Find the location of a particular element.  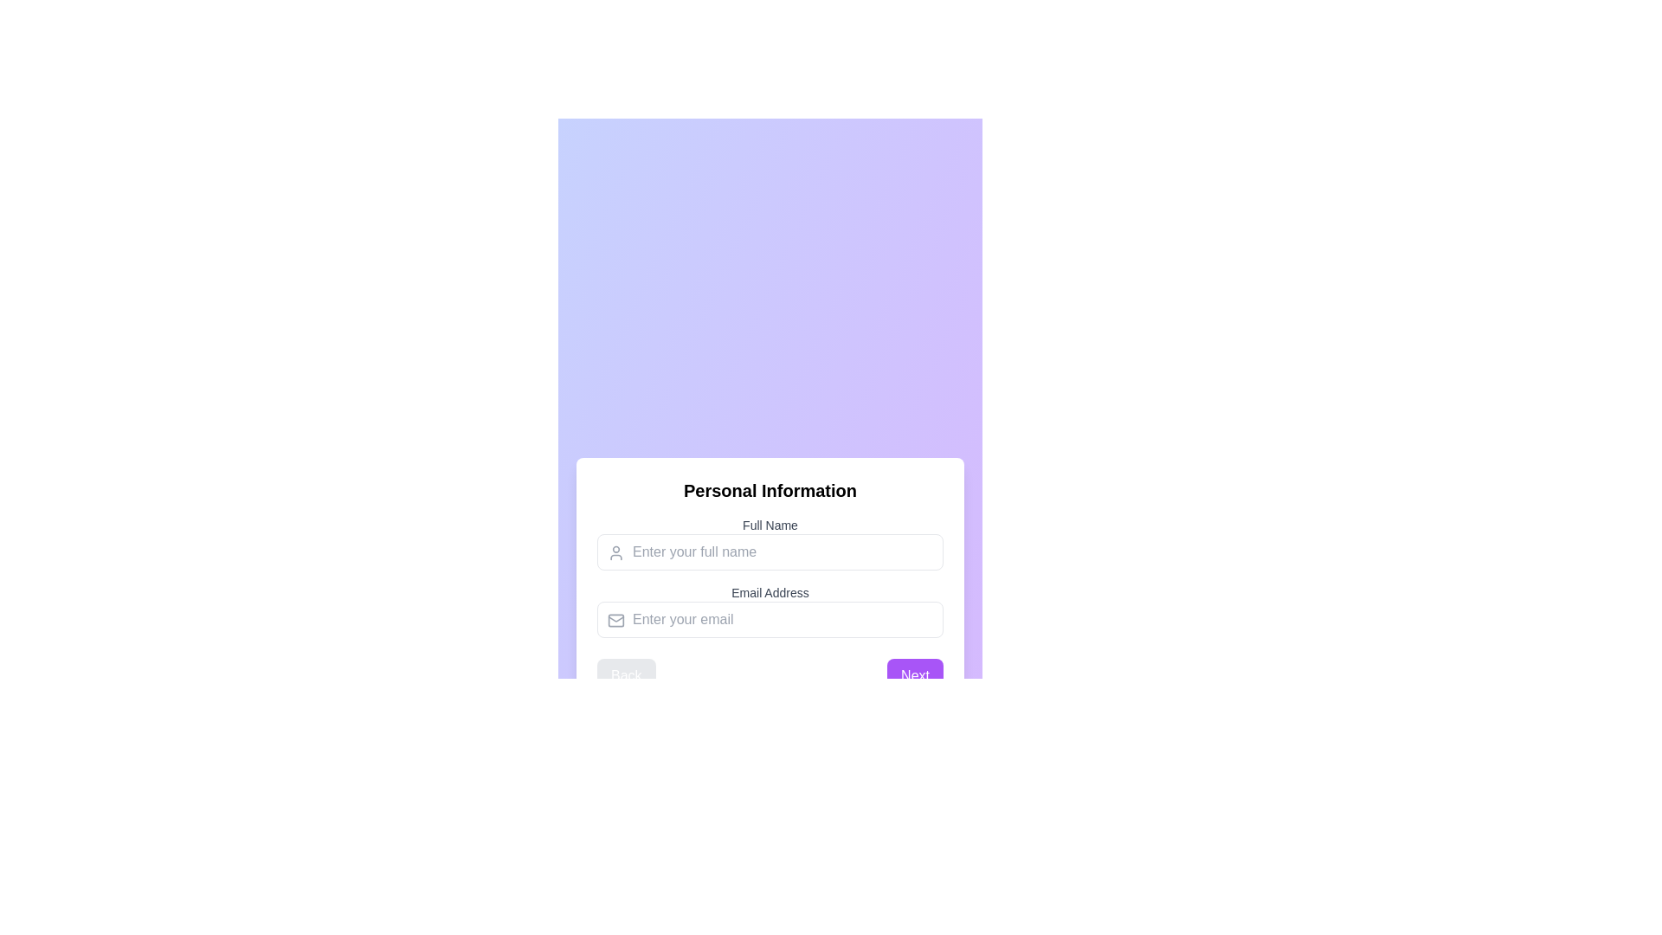

the static text label indicating 'Full Name' which is positioned above the text input field in the 'Personal Information' section is located at coordinates (769, 524).